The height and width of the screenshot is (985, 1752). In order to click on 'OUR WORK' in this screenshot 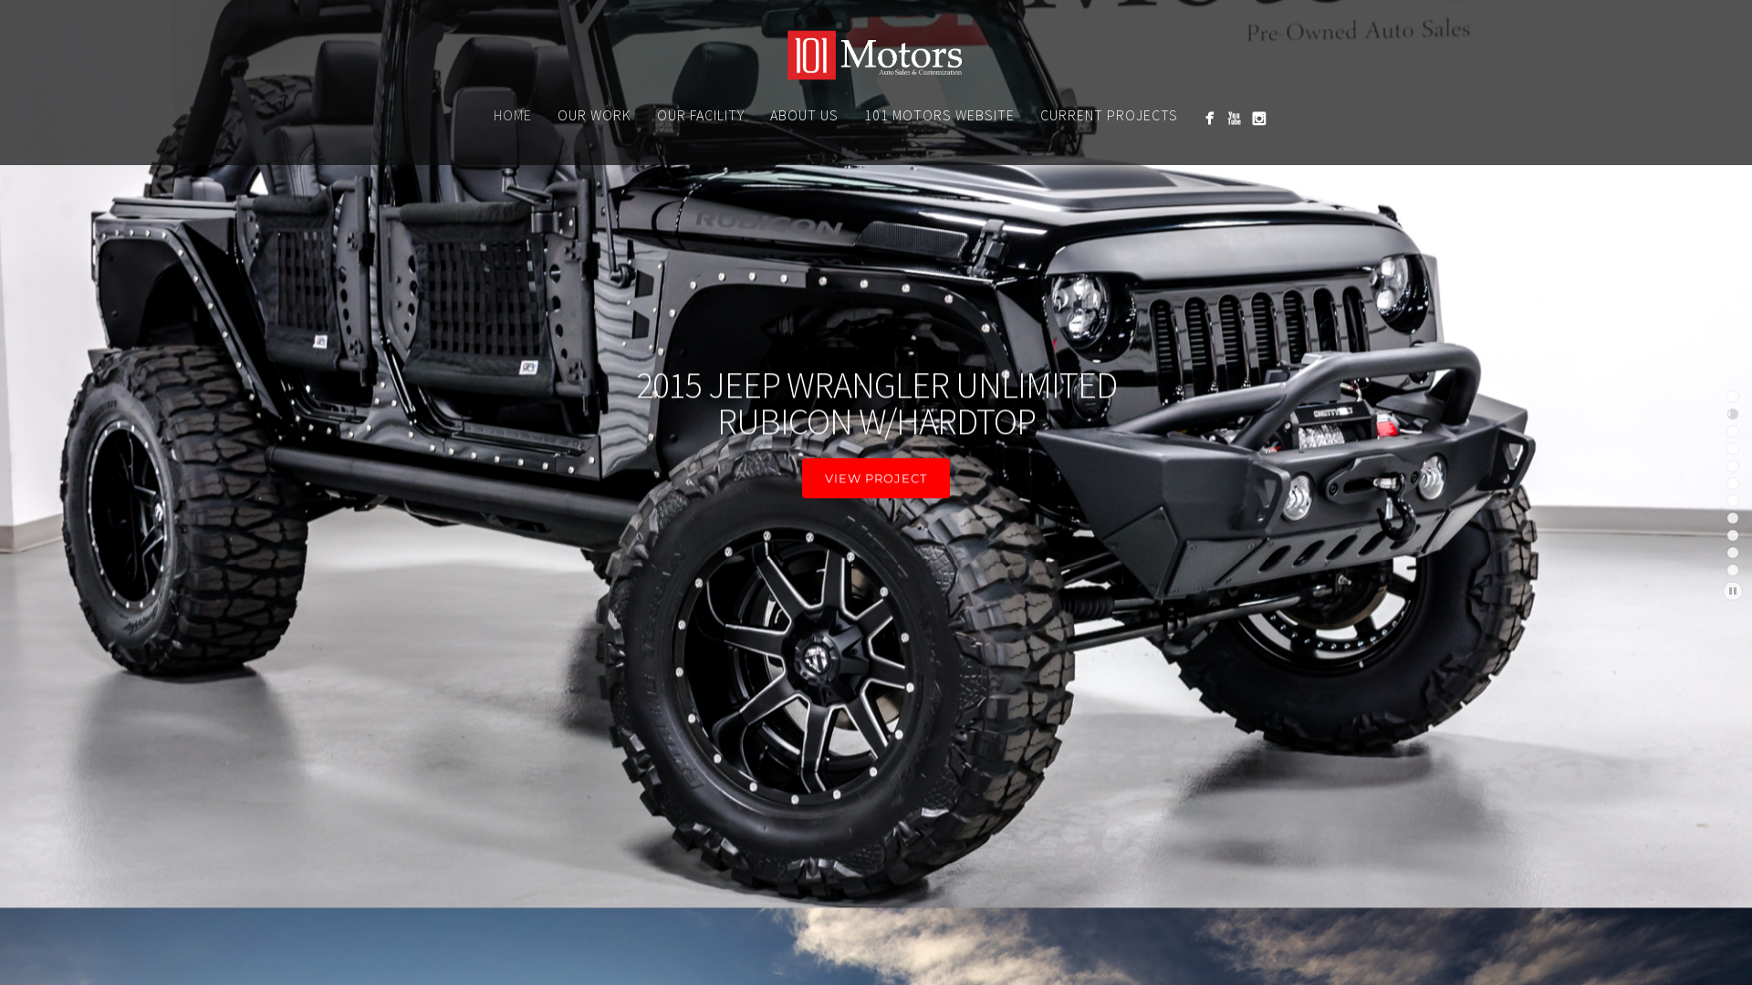, I will do `click(593, 115)`.